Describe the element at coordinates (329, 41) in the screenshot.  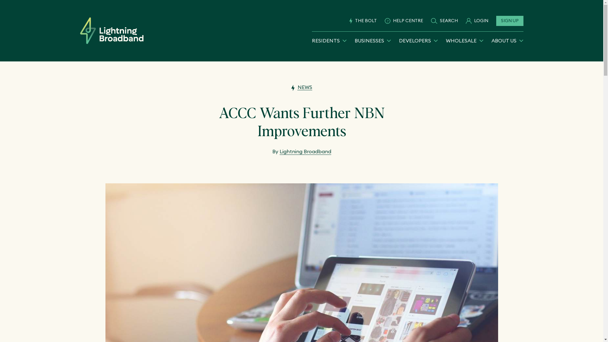
I see `'RESIDENTS'` at that location.